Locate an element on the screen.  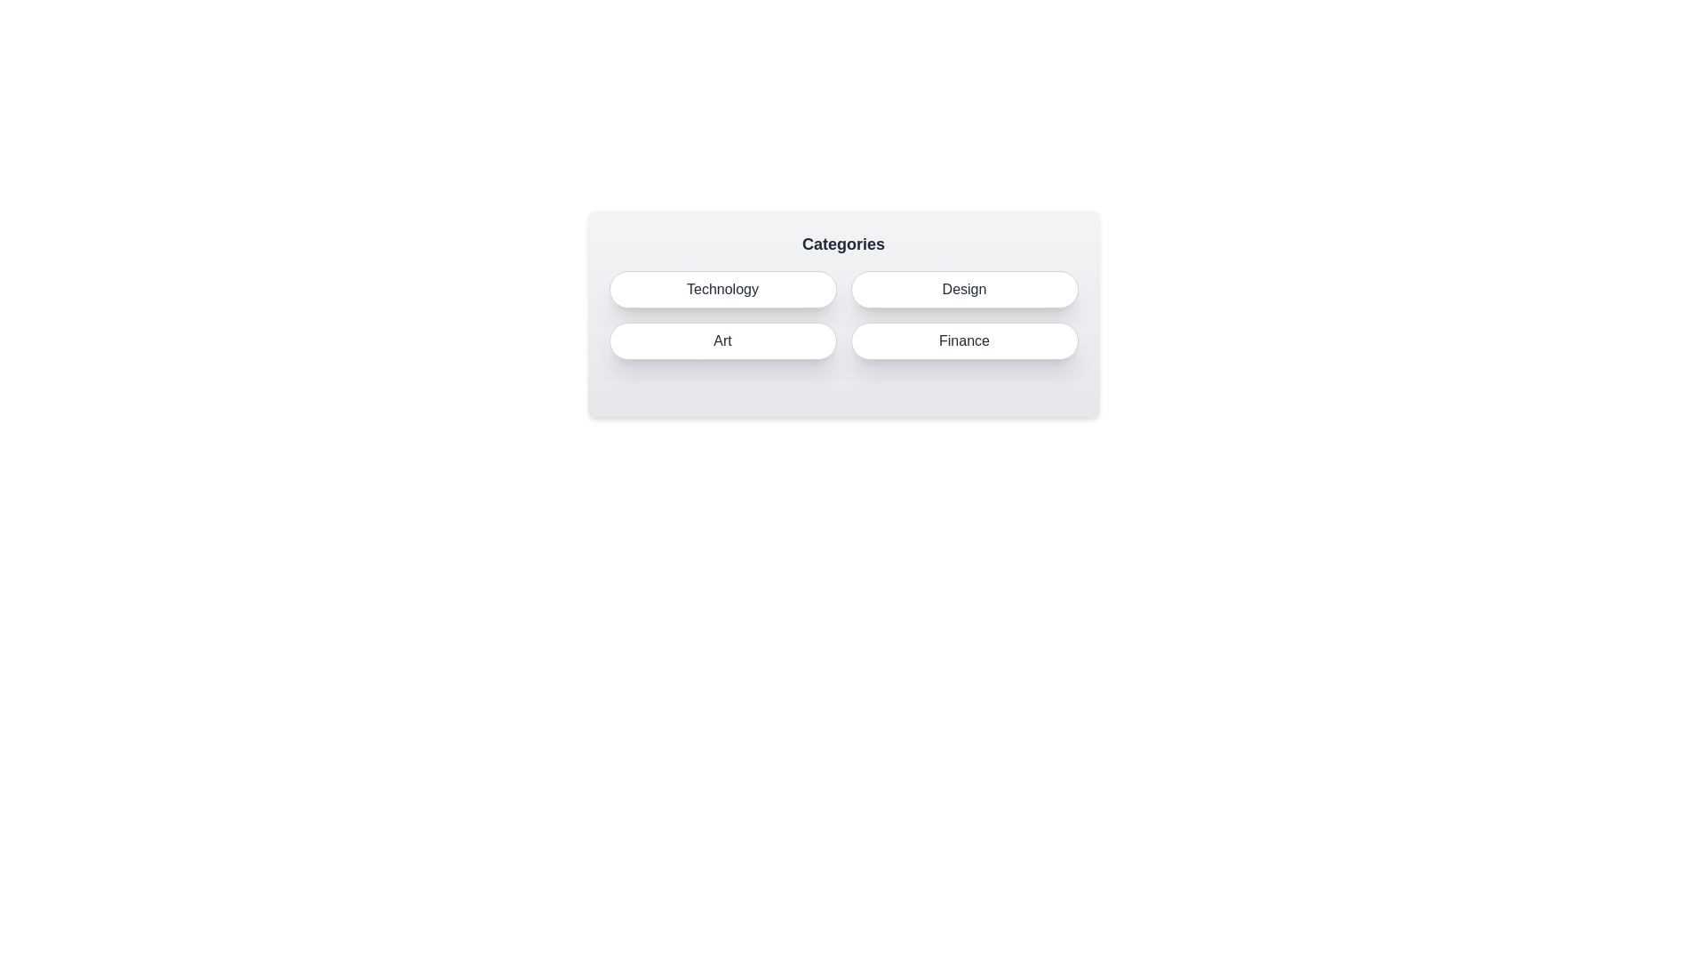
the Art button to select it is located at coordinates (722, 341).